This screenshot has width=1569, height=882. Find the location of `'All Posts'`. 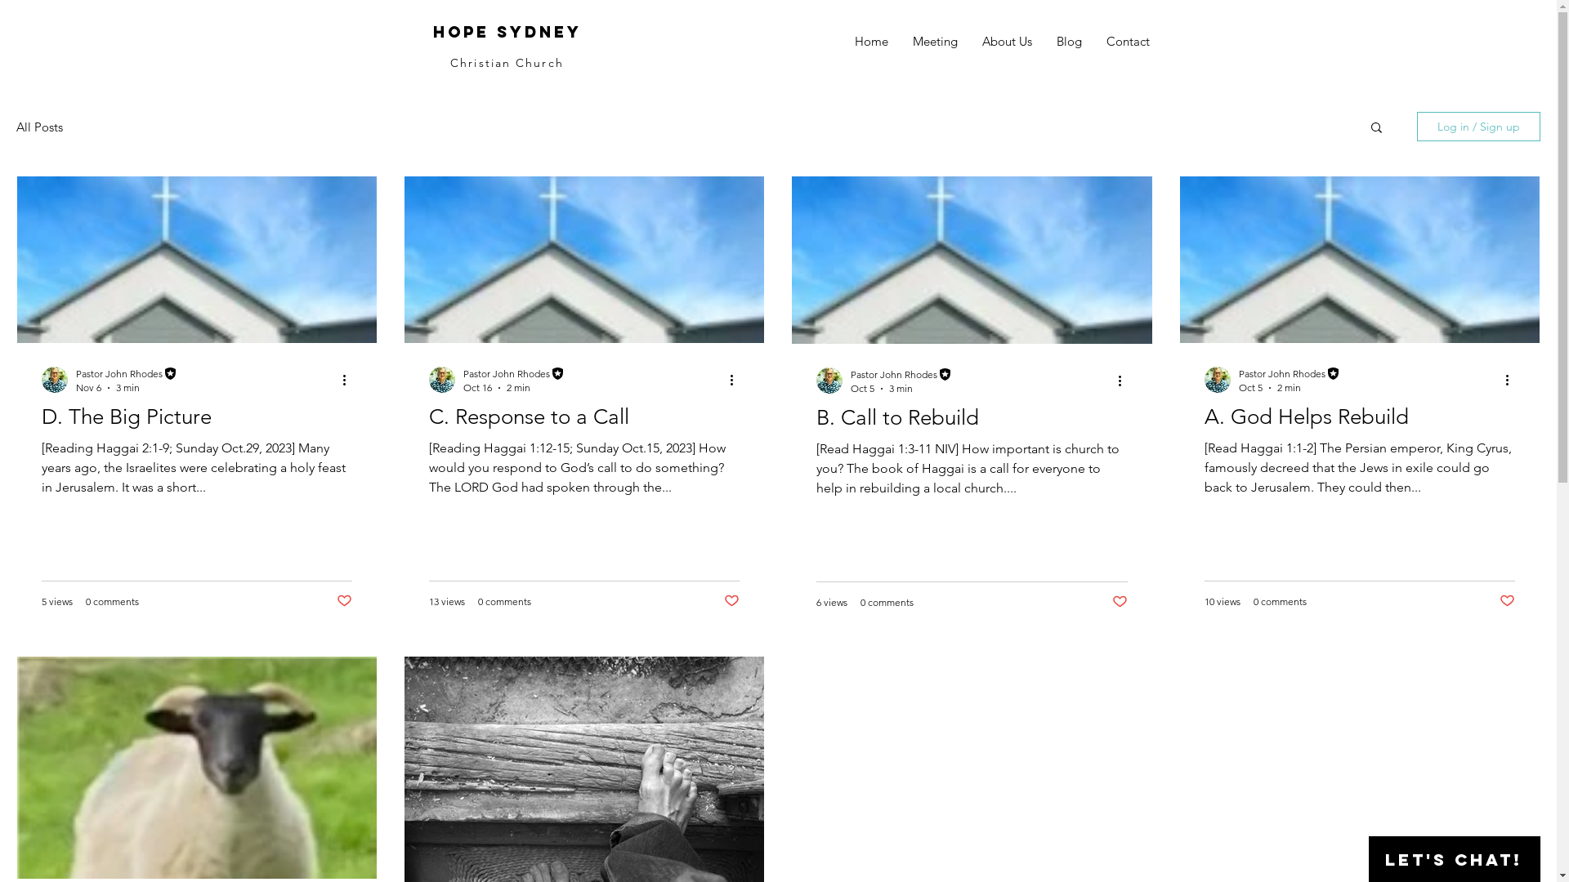

'All Posts' is located at coordinates (39, 126).